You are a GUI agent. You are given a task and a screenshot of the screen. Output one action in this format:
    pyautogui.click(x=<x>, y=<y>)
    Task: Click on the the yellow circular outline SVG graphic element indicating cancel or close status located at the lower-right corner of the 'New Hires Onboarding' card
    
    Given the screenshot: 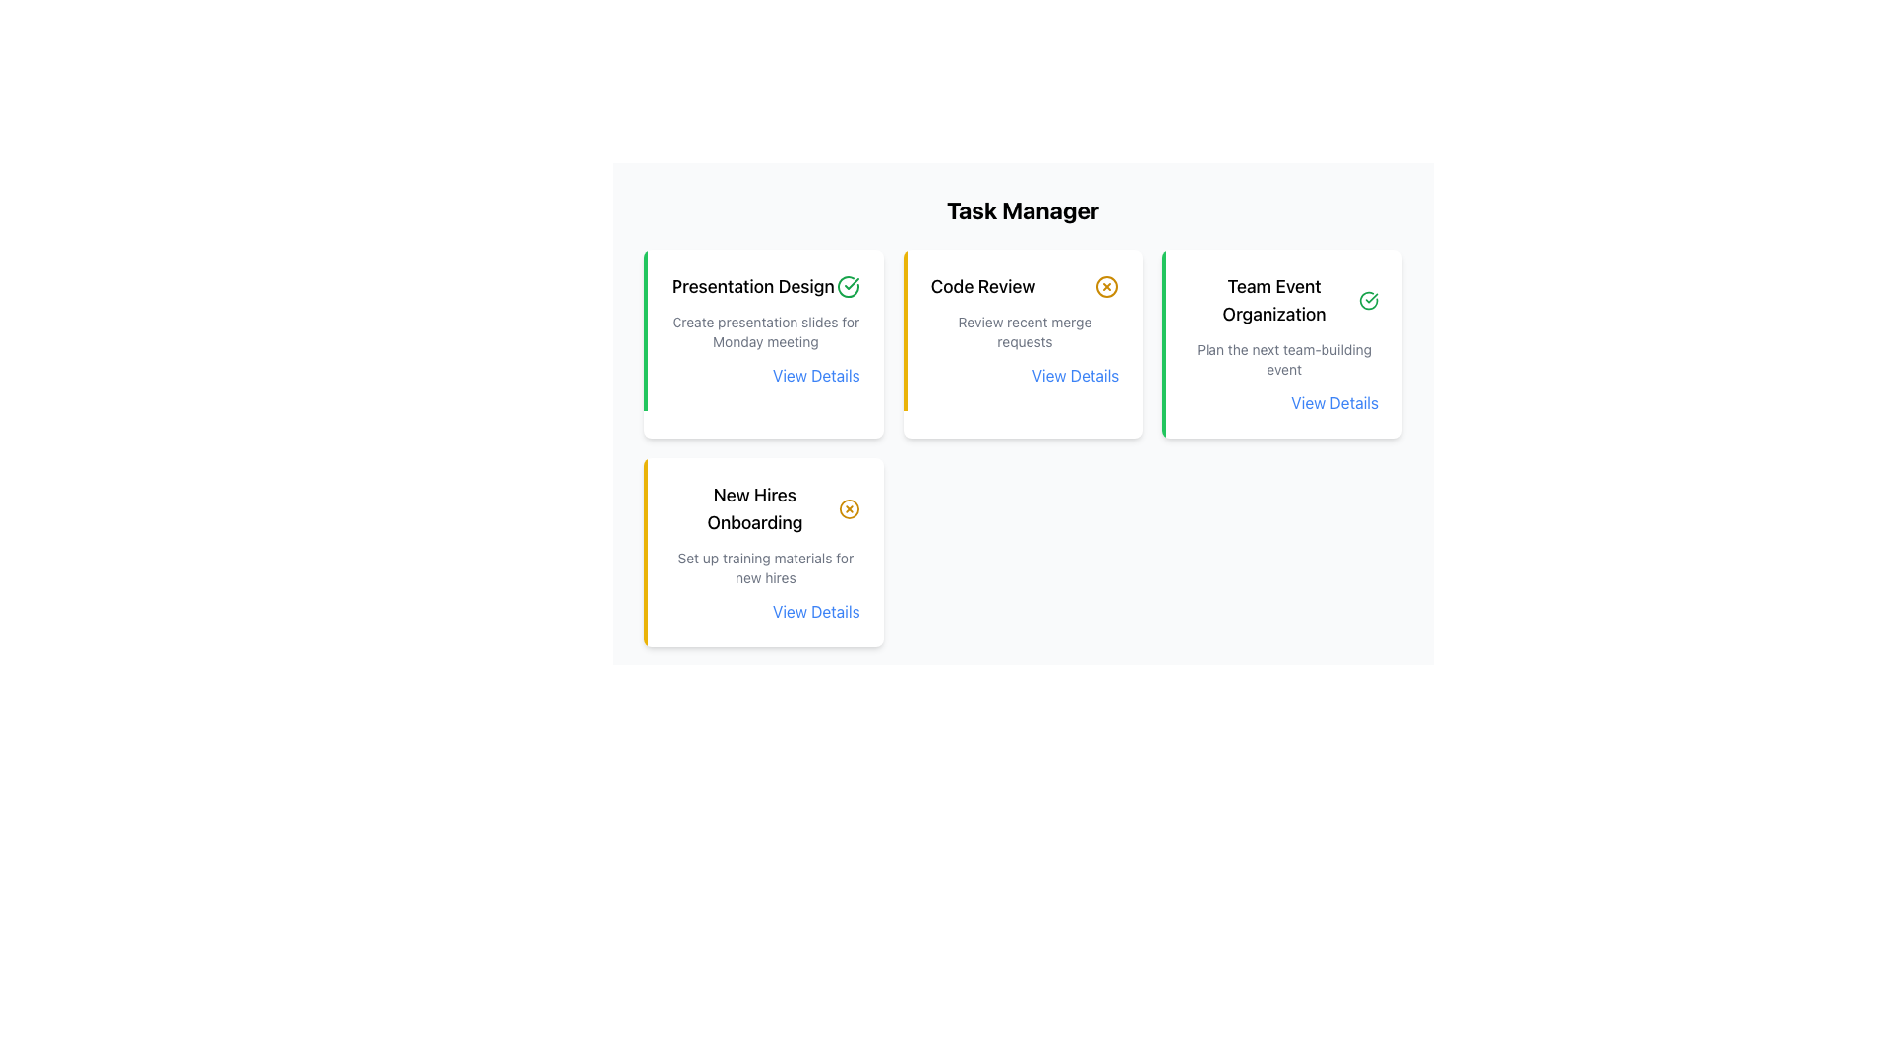 What is the action you would take?
    pyautogui.click(x=849, y=507)
    